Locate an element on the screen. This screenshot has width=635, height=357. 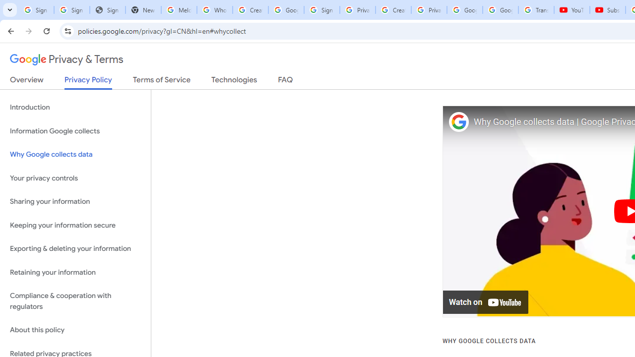
'New Tab' is located at coordinates (143, 10).